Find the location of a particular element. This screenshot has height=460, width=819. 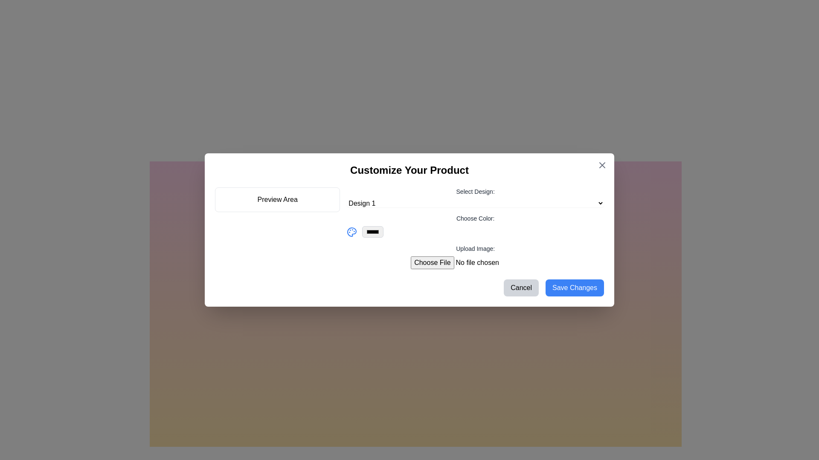

the 'Cancel' button located at the bottom-right of the dialog, which has a light gray background that darkens on hover is located at coordinates (521, 287).